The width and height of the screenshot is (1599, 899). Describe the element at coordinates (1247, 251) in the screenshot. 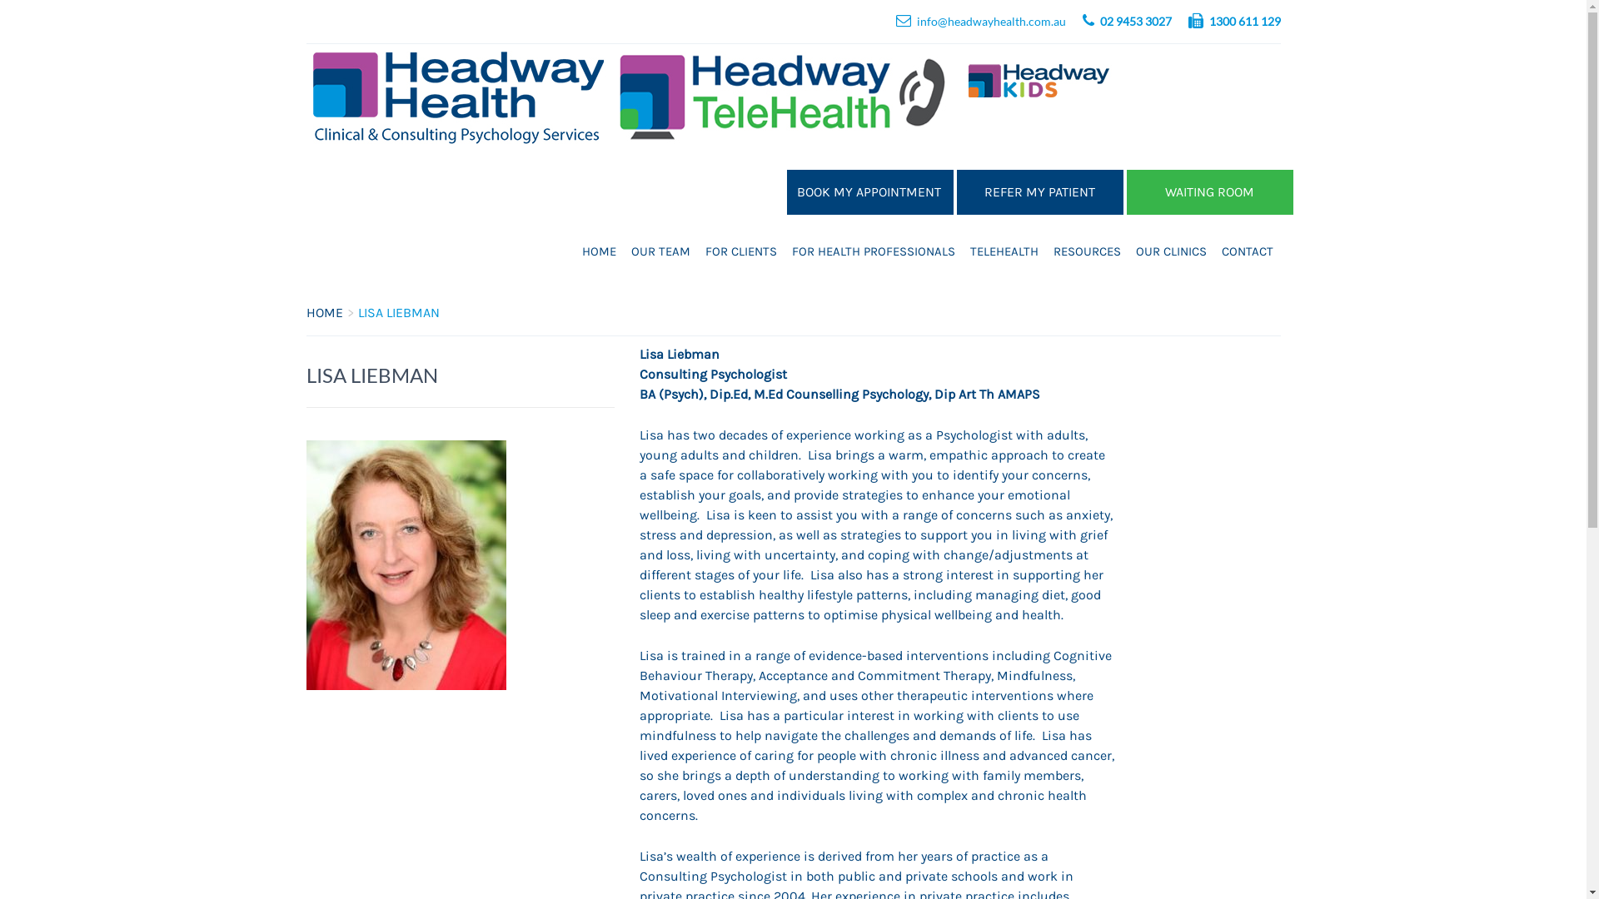

I see `'CONTACT'` at that location.